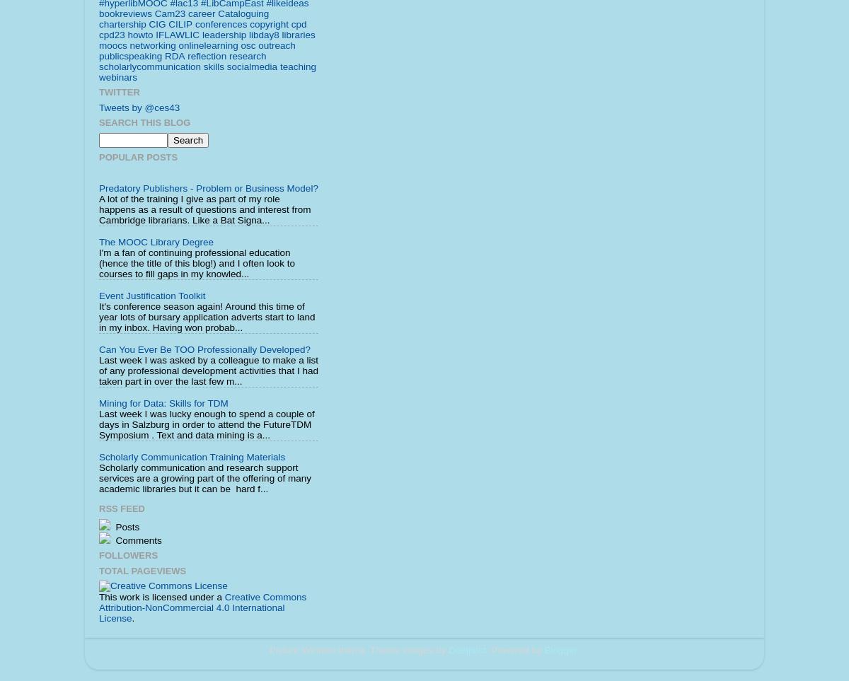  Describe the element at coordinates (248, 45) in the screenshot. I see `'osc'` at that location.